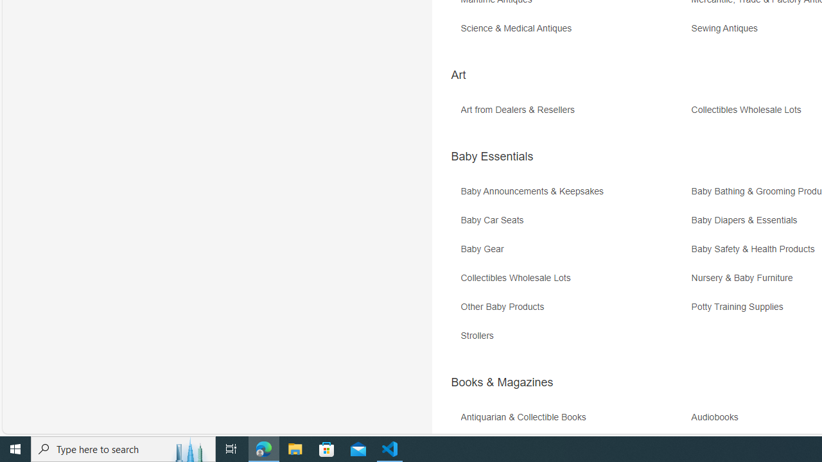 Image resolution: width=822 pixels, height=462 pixels. Describe the element at coordinates (728, 28) in the screenshot. I see `'Sewing Antiques'` at that location.